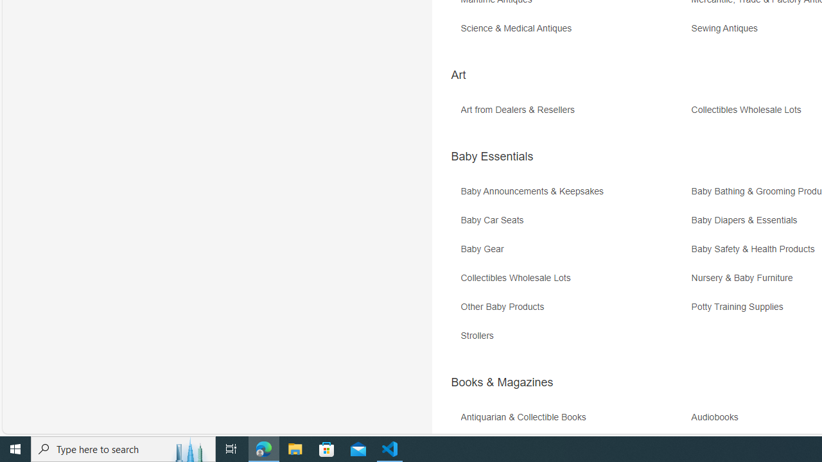 Image resolution: width=822 pixels, height=462 pixels. Describe the element at coordinates (728, 28) in the screenshot. I see `'Sewing Antiques'` at that location.